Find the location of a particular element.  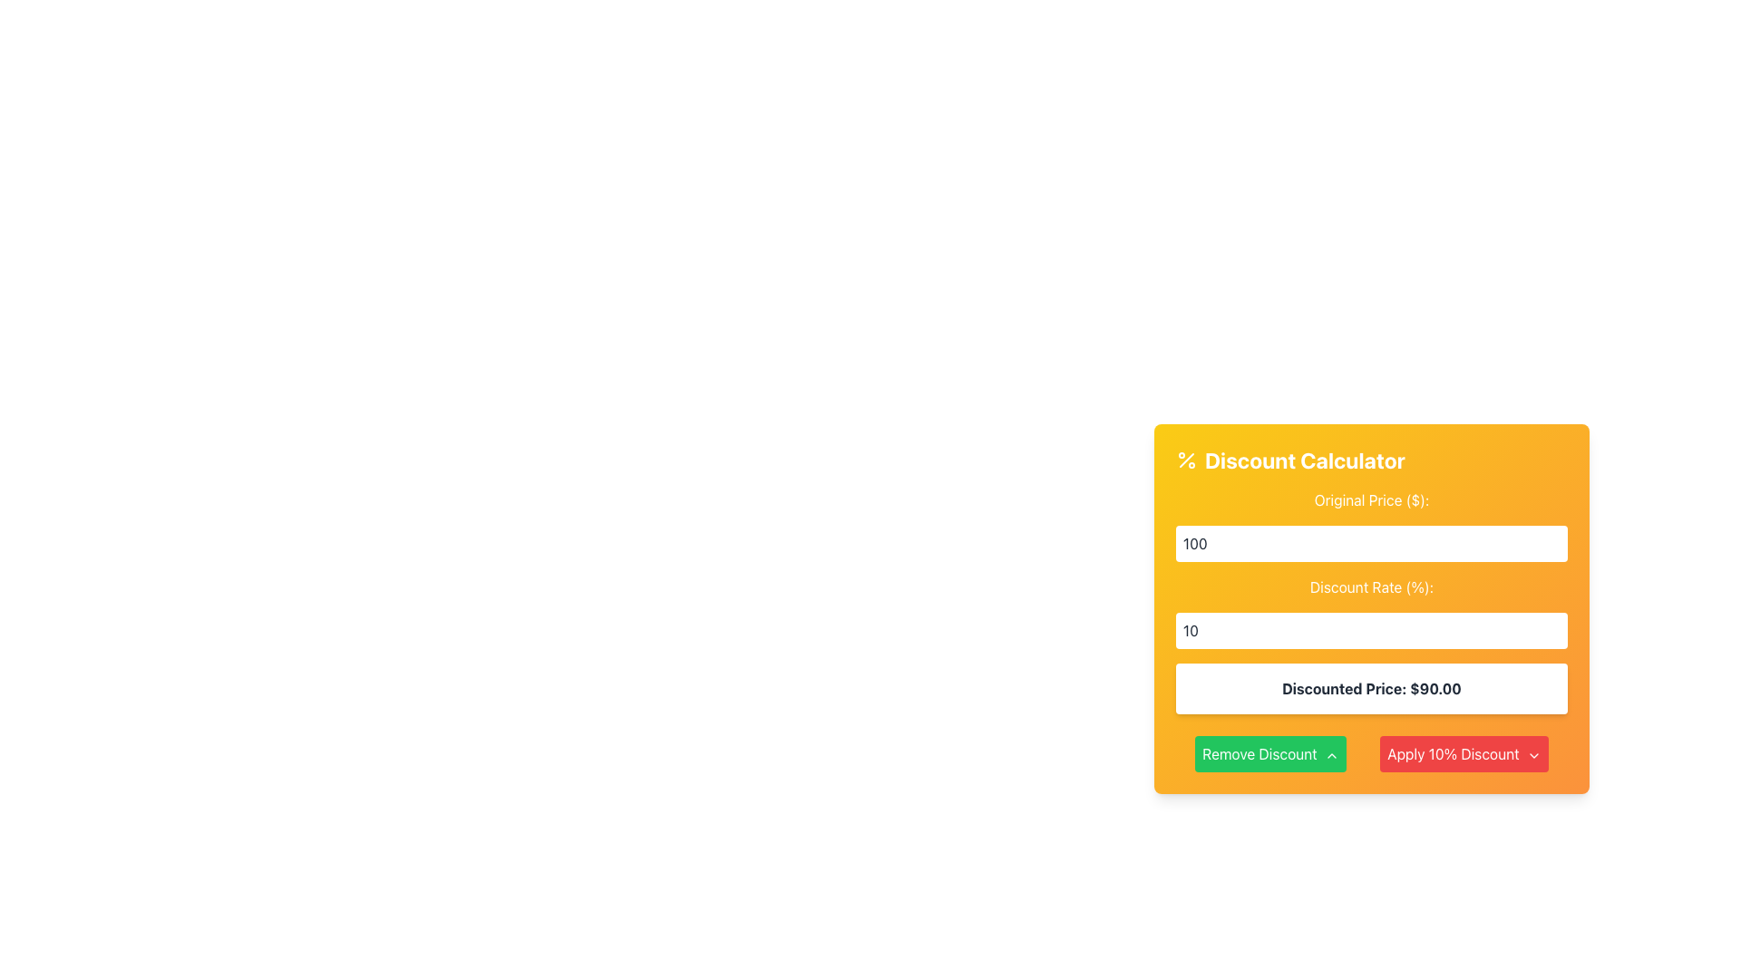

the decorative icon located at the top-left corner of the header section, which is positioned to the left of the title text 'Discount Calculator' is located at coordinates (1187, 460).